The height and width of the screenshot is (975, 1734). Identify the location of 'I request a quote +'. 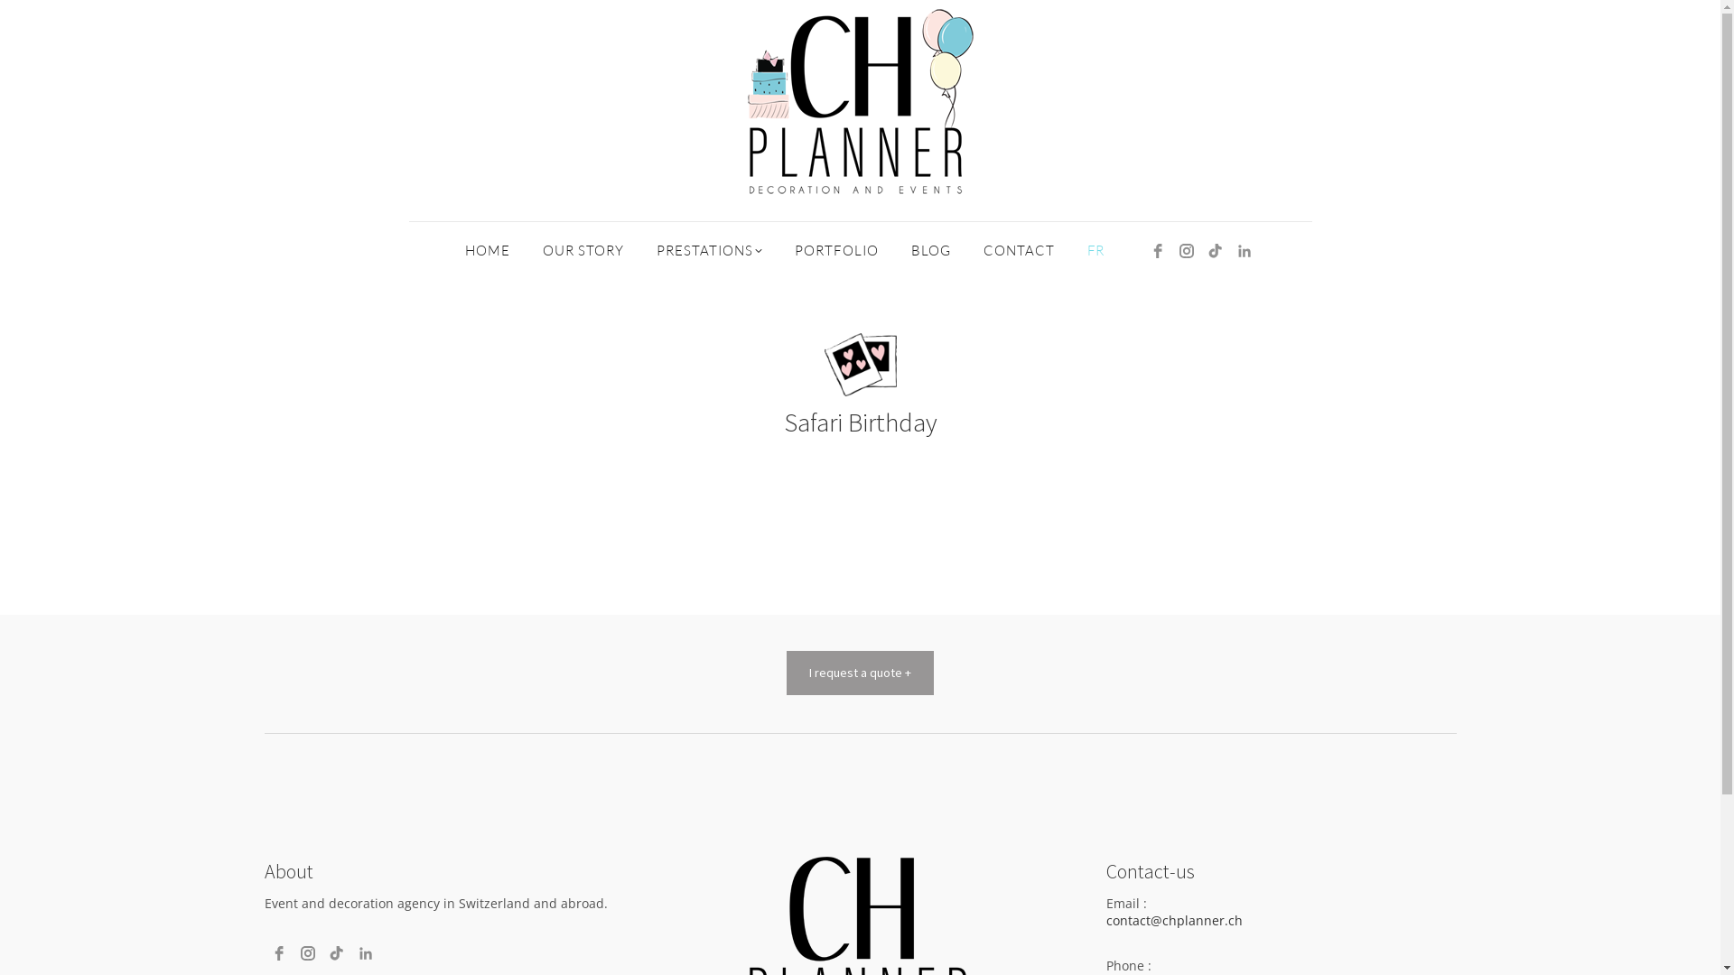
(786, 672).